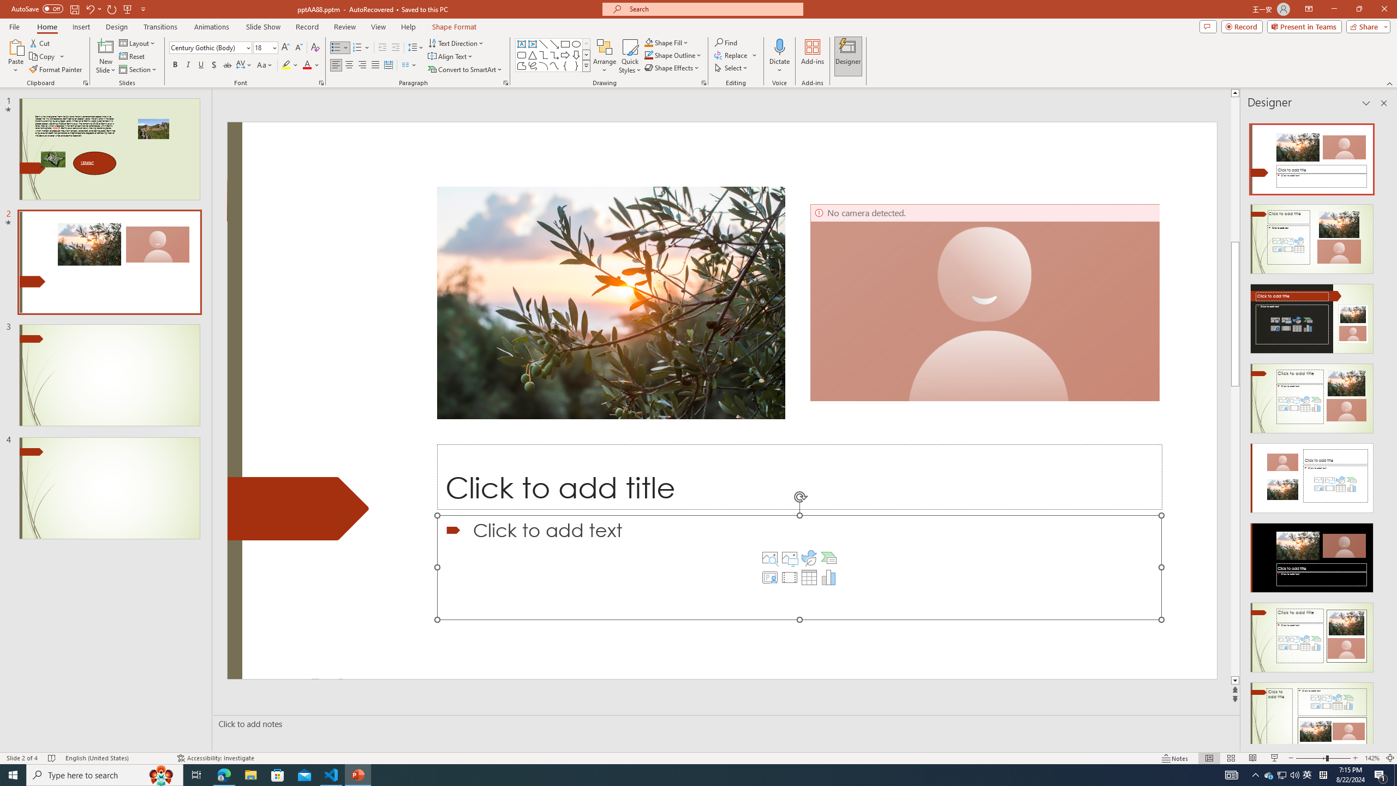  Describe the element at coordinates (985, 303) in the screenshot. I see `'Camera 7, No camera detected.'` at that location.